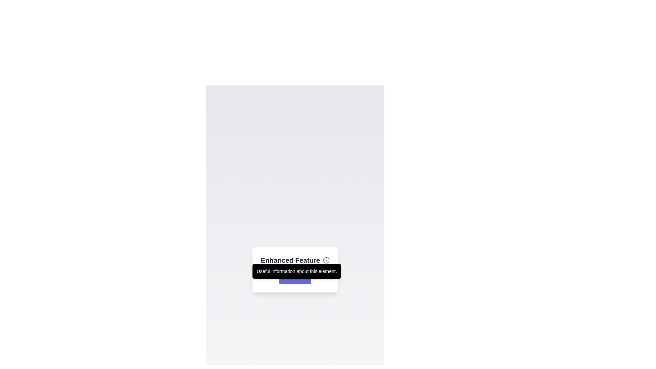  Describe the element at coordinates (295, 277) in the screenshot. I see `the 'Click Me' button with a purple background and white text located centrally within the 'Enhanced Feature' card` at that location.